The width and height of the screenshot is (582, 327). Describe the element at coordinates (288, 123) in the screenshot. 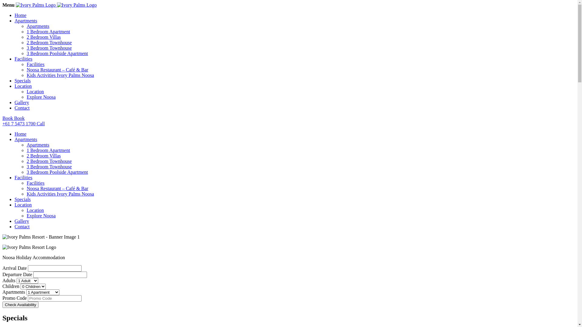

I see `'+61 7 5473 1700 Call'` at that location.